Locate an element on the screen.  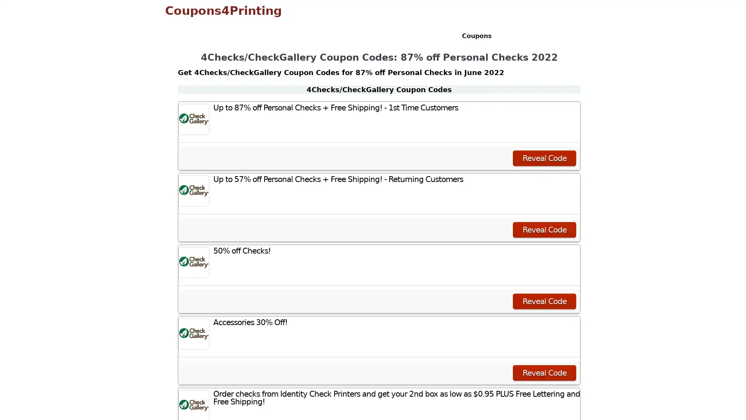
Reveal Code is located at coordinates (544, 373).